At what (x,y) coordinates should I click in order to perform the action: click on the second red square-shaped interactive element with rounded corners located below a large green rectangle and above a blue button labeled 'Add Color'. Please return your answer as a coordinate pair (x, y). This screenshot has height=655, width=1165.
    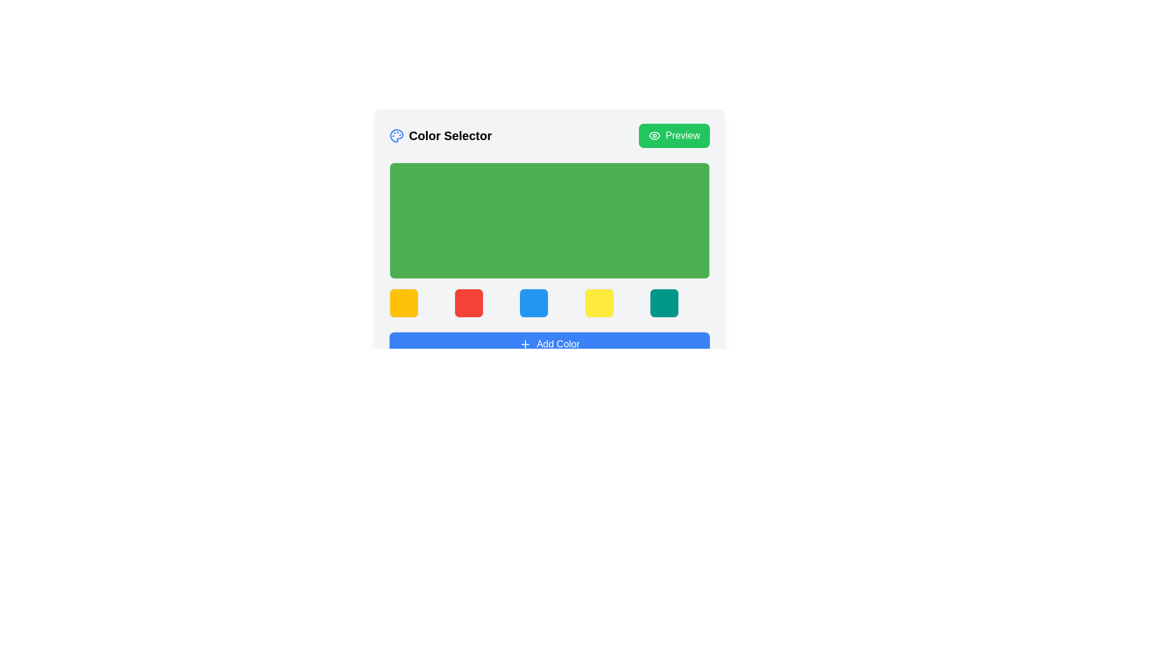
    Looking at the image, I should click on (468, 303).